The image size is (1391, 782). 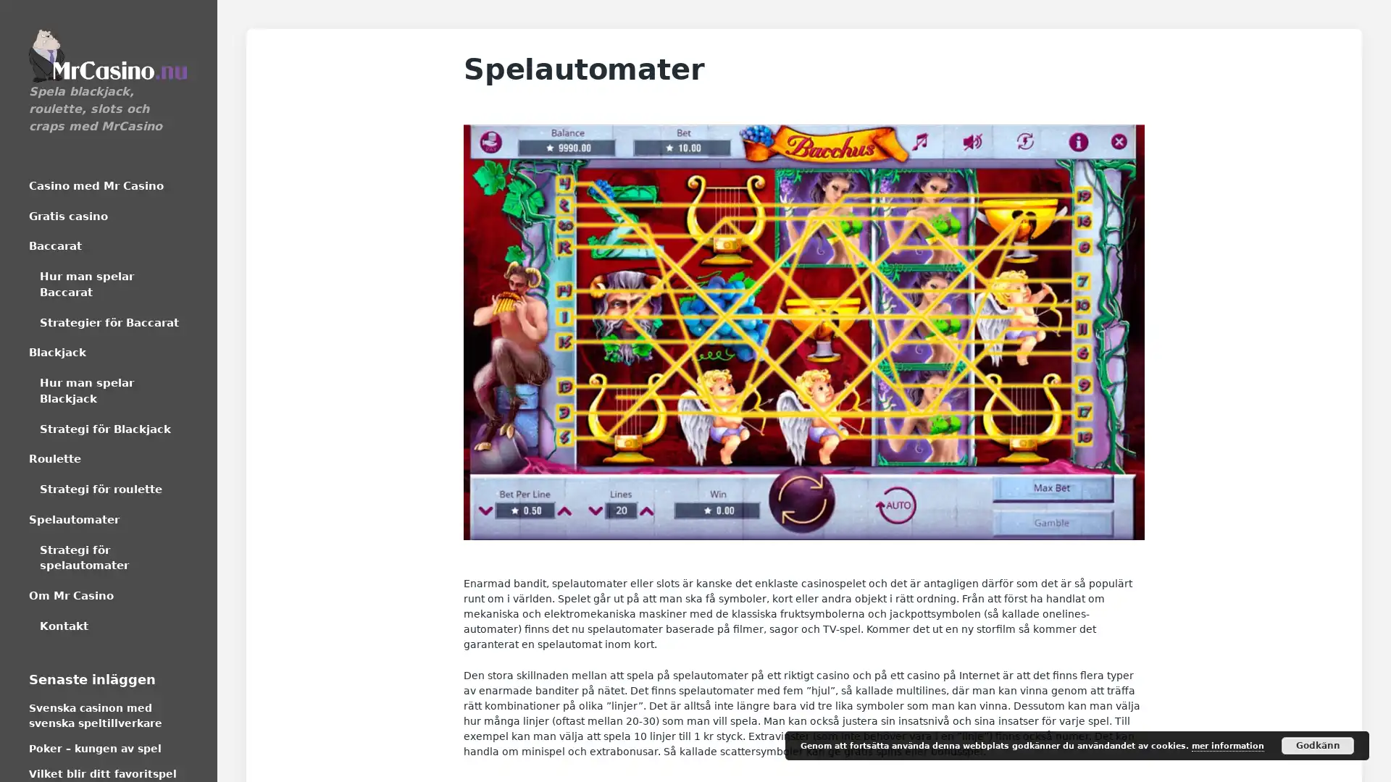 I want to click on Godkann, so click(x=1318, y=745).